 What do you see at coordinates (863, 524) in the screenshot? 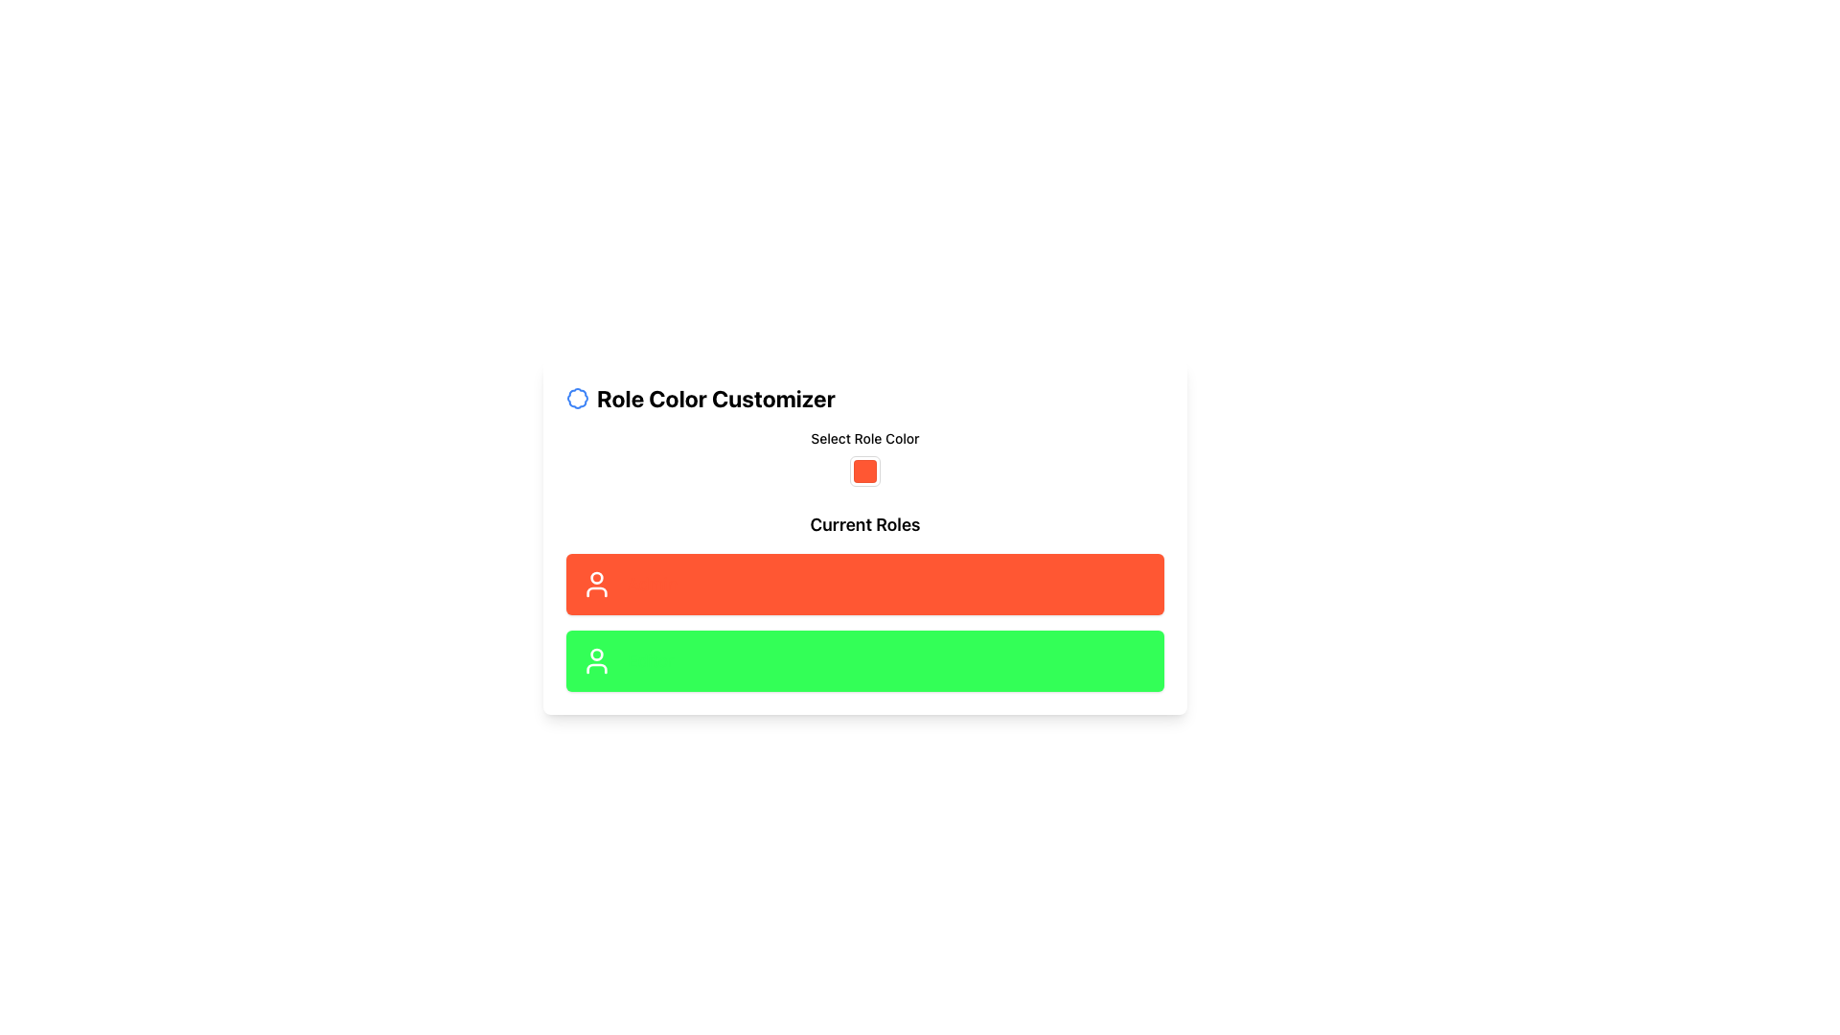
I see `the 'Current Roles' text label, which serves as a header for the role items 'Admin' and 'Editor' located below the 'Select Role Color' section` at bounding box center [863, 524].